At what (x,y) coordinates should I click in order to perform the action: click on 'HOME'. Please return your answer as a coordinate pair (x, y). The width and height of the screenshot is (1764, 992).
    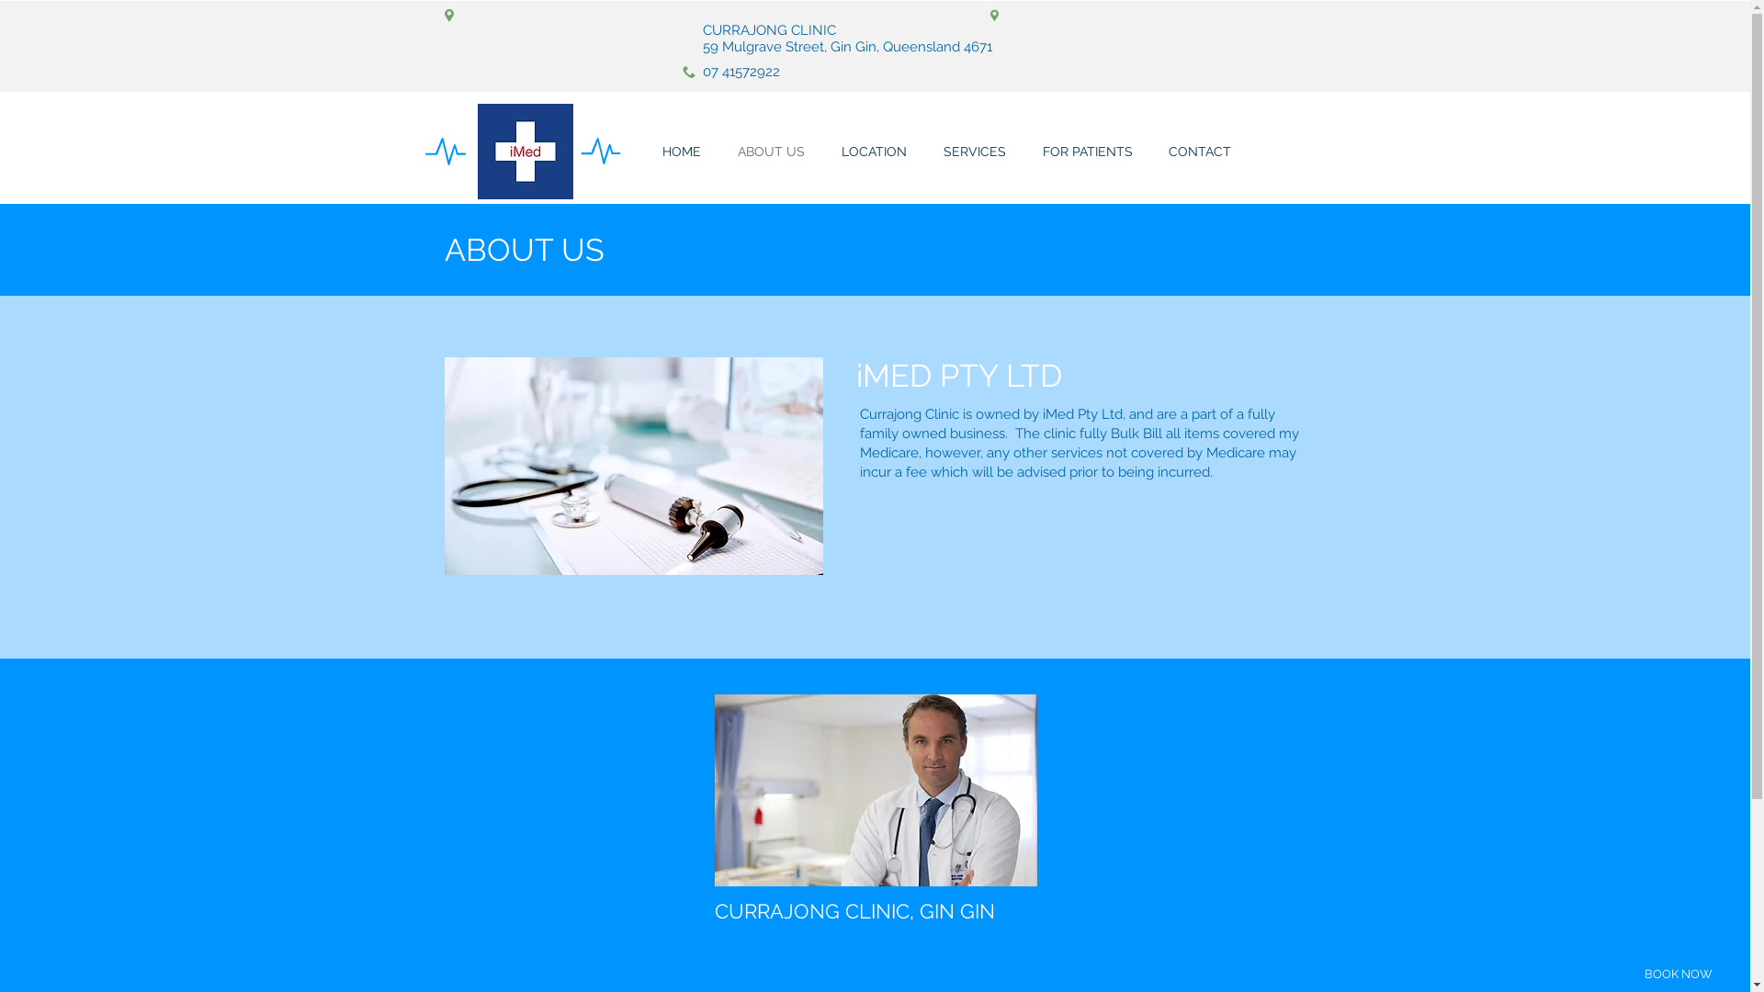
    Looking at the image, I should click on (679, 151).